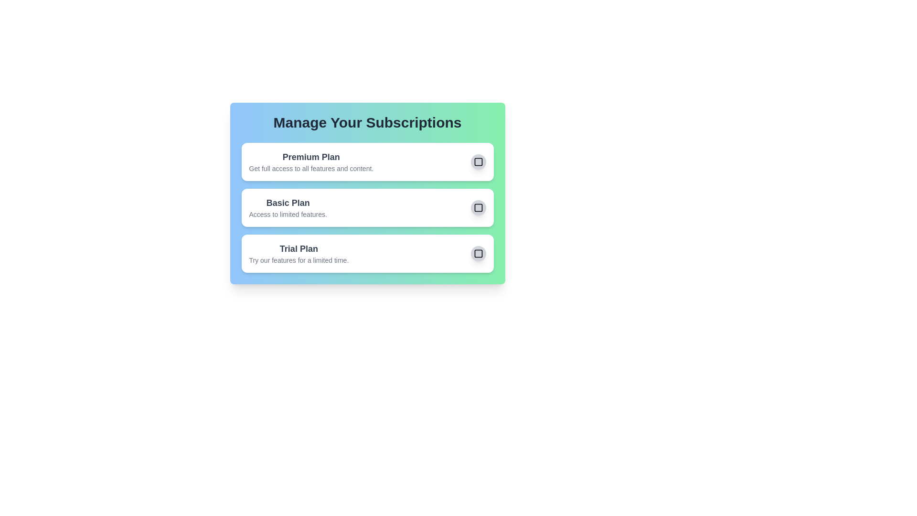 This screenshot has height=516, width=917. Describe the element at coordinates (367, 207) in the screenshot. I see `the details of the basic subscription plan represented` at that location.